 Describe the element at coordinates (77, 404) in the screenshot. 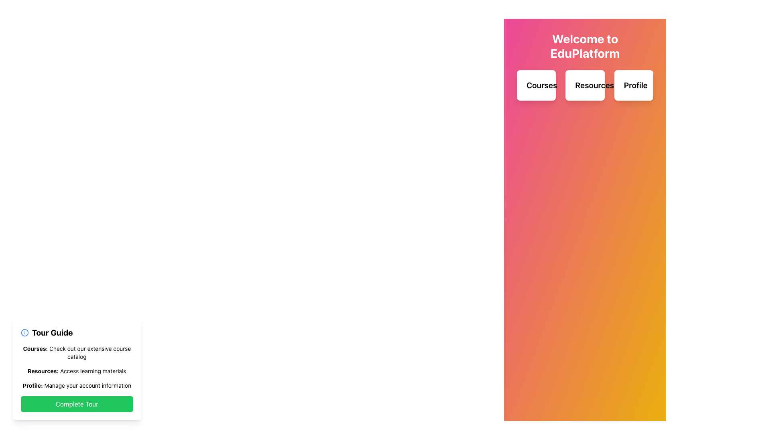

I see `the confirmation button located at the bottom-left of the interface, below the textual entries 'Courses,' 'Resources,' and 'Profile' to observe visual feedback` at that location.